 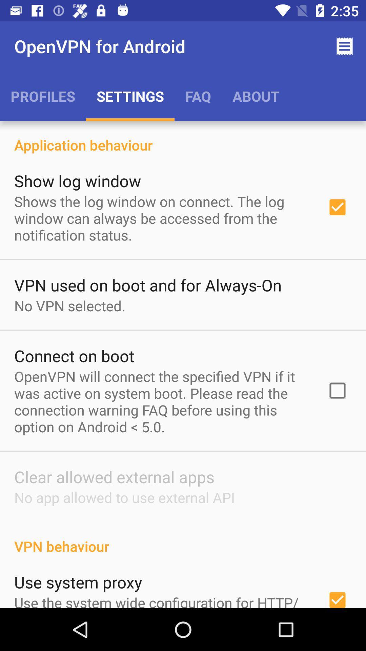 I want to click on the profiles, so click(x=43, y=96).